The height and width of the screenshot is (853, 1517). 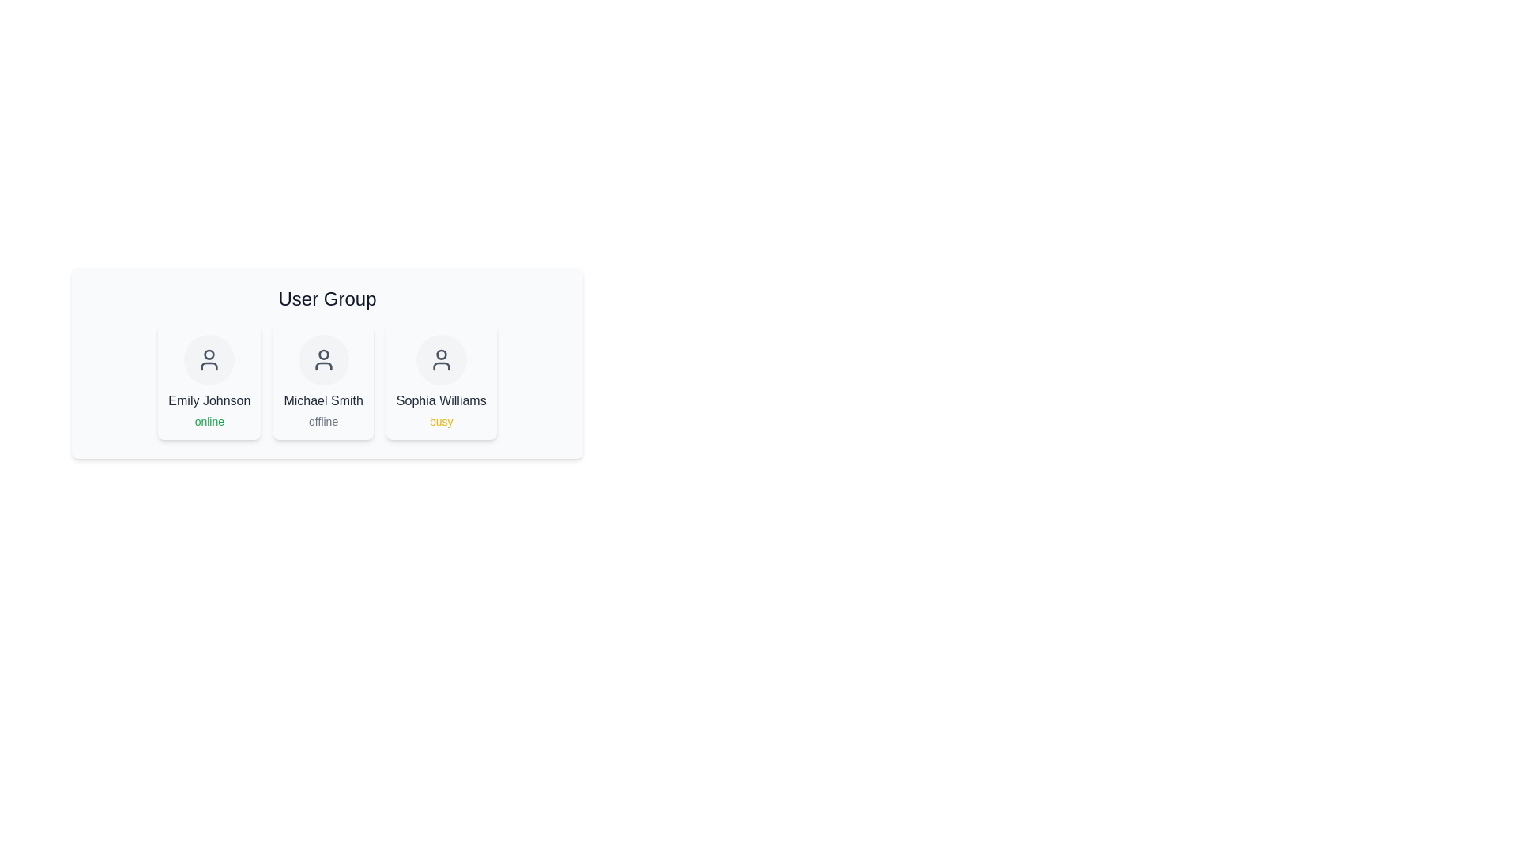 I want to click on the icon placeholder representing 'Sophia Williams' located at the top of her card with the 'busy' status, so click(x=441, y=359).